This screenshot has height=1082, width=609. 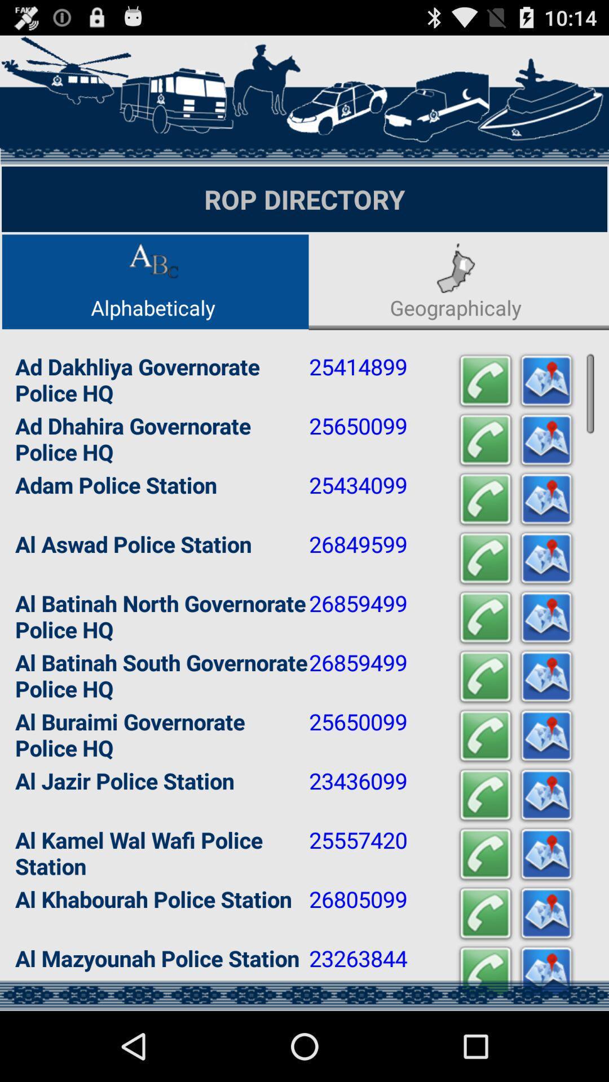 I want to click on call, so click(x=484, y=972).